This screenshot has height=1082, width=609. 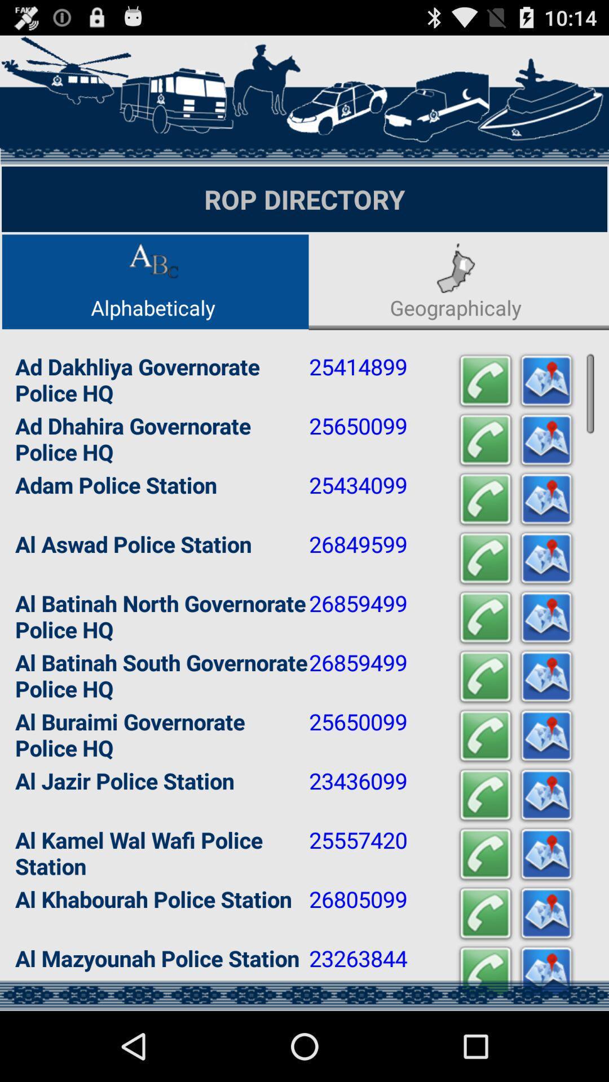 I want to click on call, so click(x=484, y=972).